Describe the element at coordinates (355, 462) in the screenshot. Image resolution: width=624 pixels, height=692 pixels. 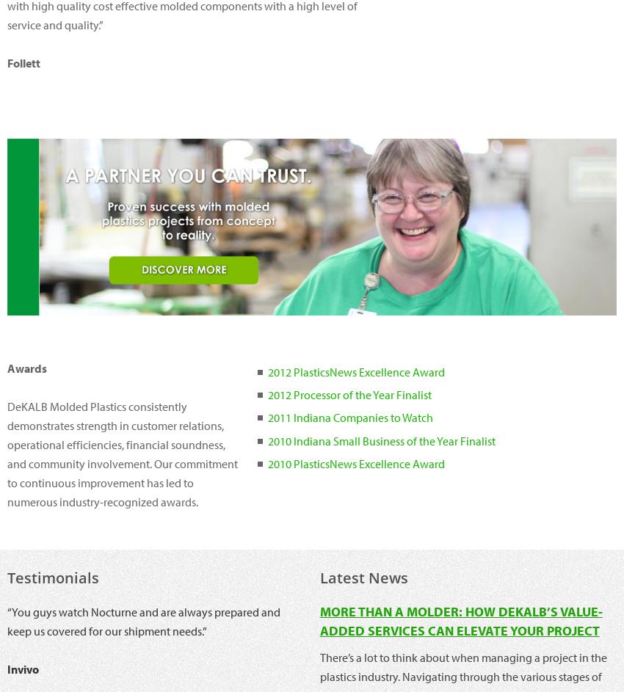
I see `'2010 PlasticsNews Excellence Award'` at that location.